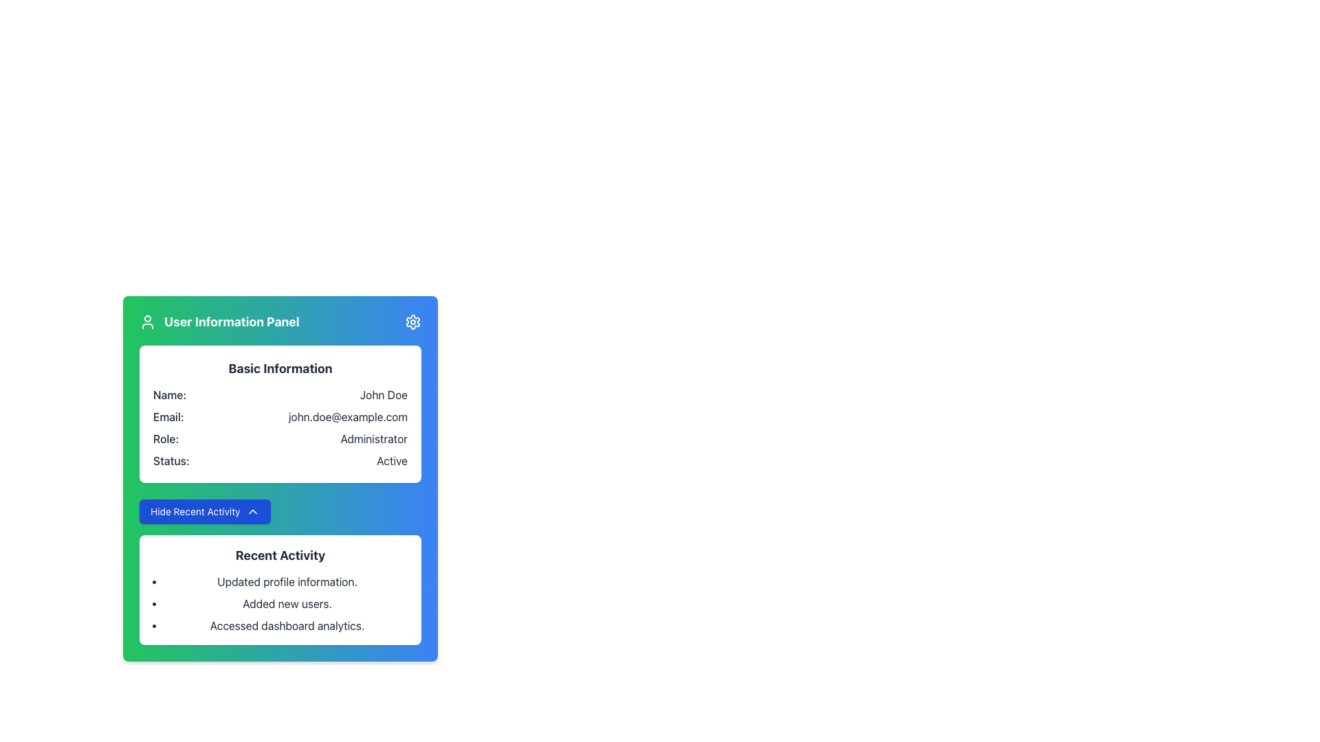  I want to click on the rectangular blue button labeled 'Hide Recent Activity' located in the User Information Panel, so click(204, 511).